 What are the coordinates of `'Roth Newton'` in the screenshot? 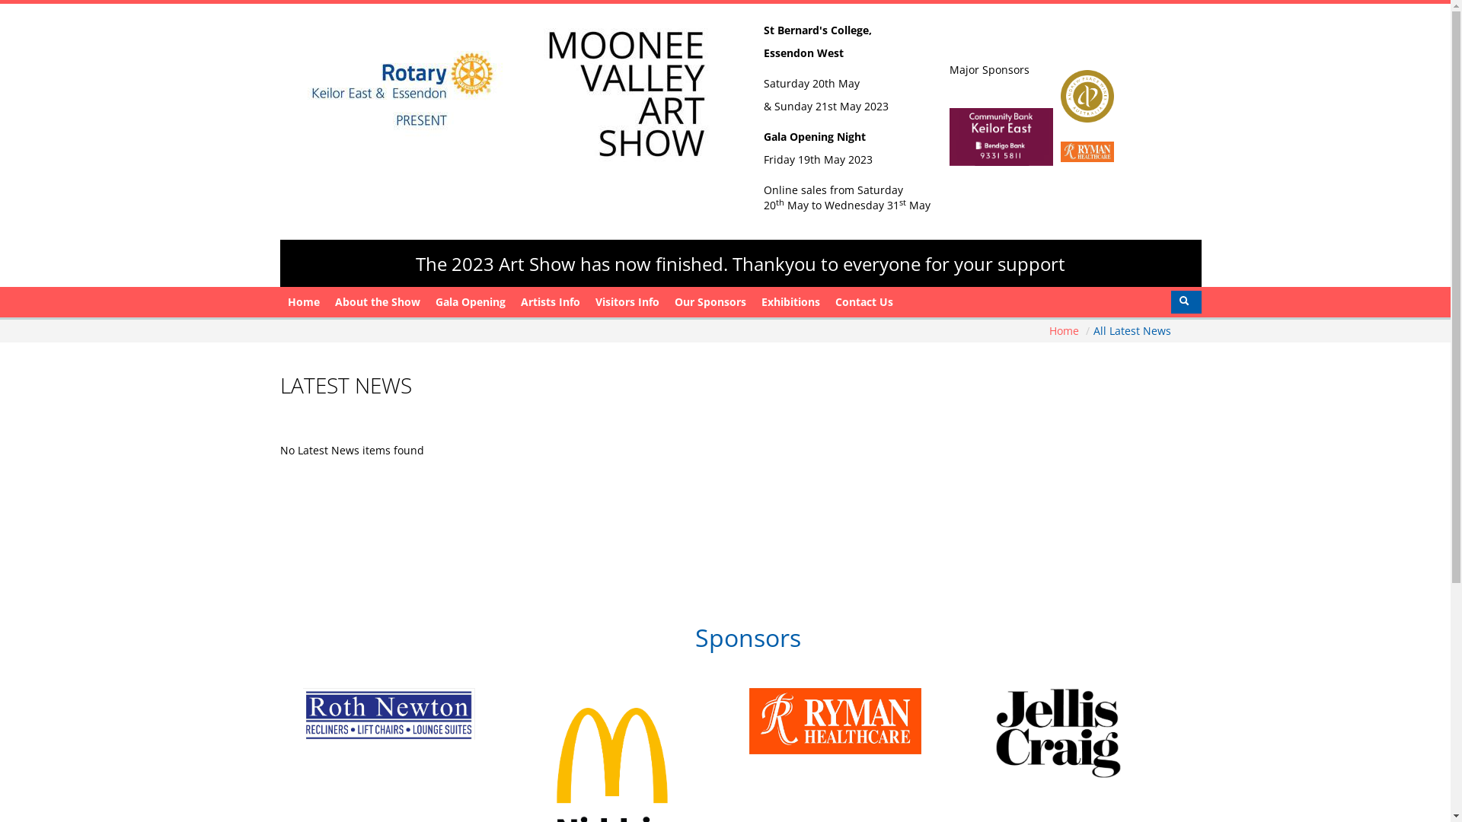 It's located at (414, 713).